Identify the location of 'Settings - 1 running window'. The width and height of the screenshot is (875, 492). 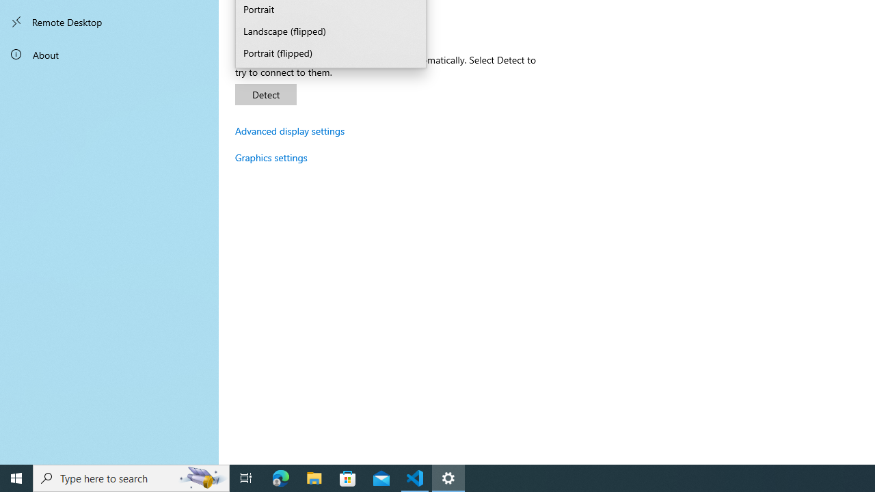
(448, 477).